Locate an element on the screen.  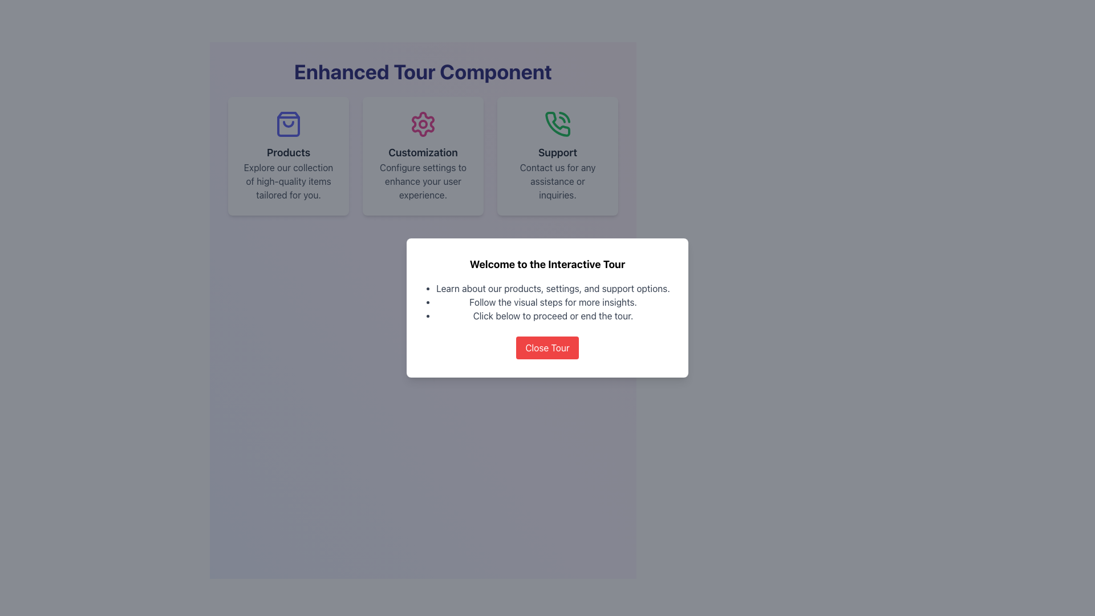
the second text block that provides contact information for customer support, located directly below the 'Support' heading is located at coordinates (558, 180).